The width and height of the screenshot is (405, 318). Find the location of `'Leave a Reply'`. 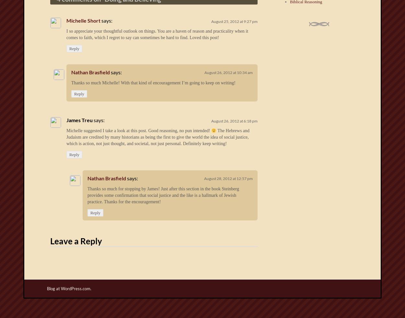

'Leave a Reply' is located at coordinates (76, 240).